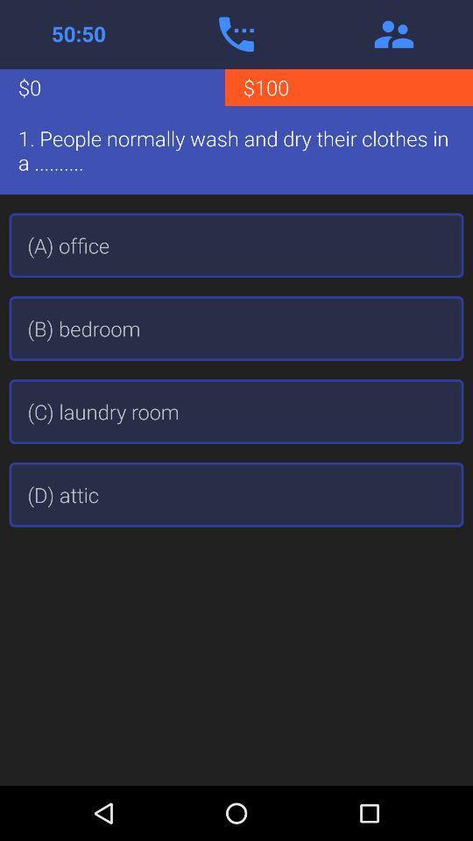 This screenshot has width=473, height=841. What do you see at coordinates (236, 244) in the screenshot?
I see `item below 1 people normally` at bounding box center [236, 244].